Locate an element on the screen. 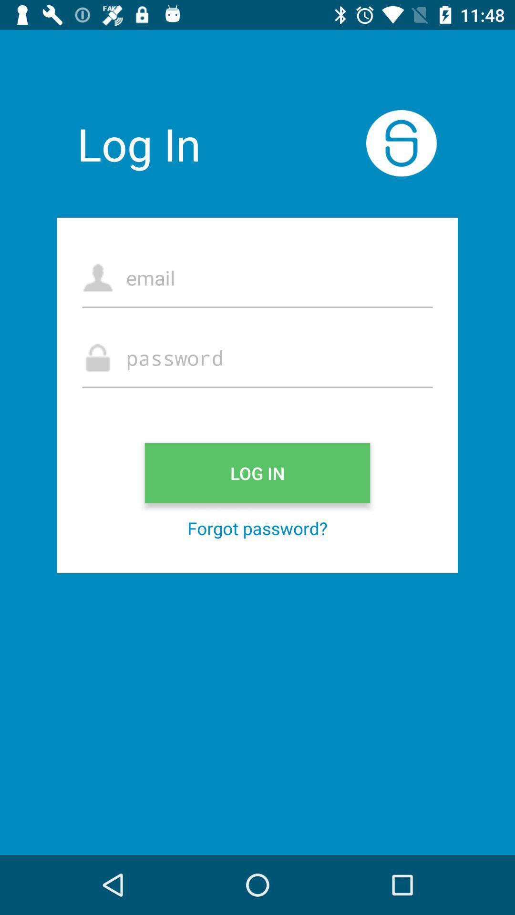 This screenshot has width=515, height=915. log in with email address is located at coordinates (257, 277).